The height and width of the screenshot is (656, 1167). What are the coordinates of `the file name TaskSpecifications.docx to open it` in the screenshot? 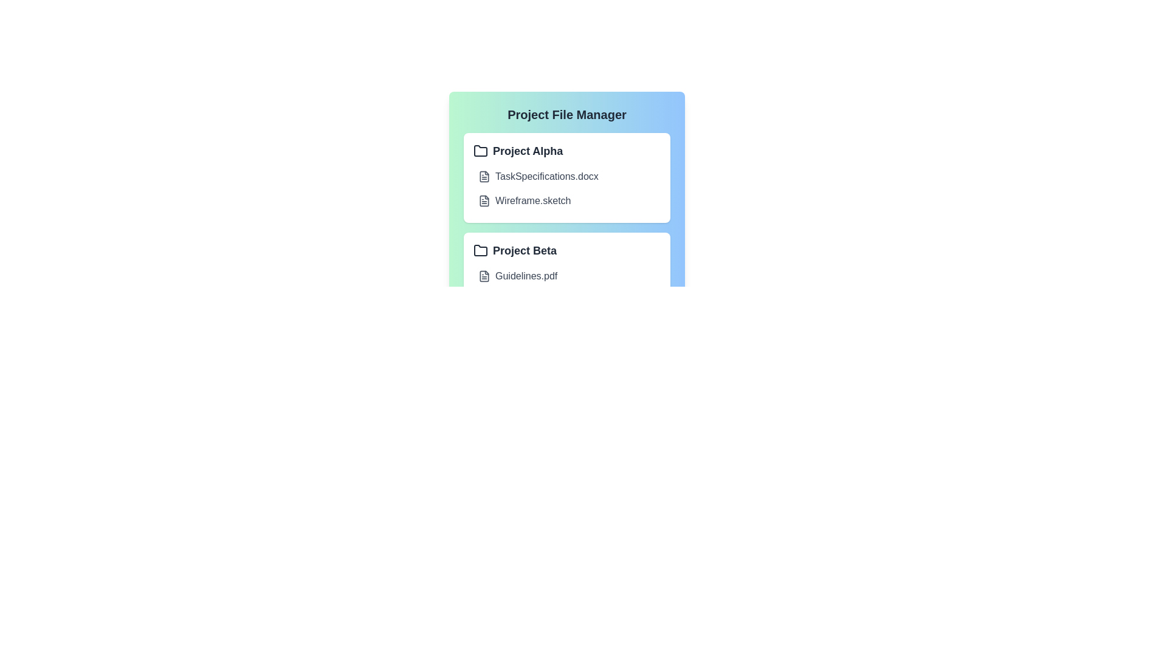 It's located at (546, 176).